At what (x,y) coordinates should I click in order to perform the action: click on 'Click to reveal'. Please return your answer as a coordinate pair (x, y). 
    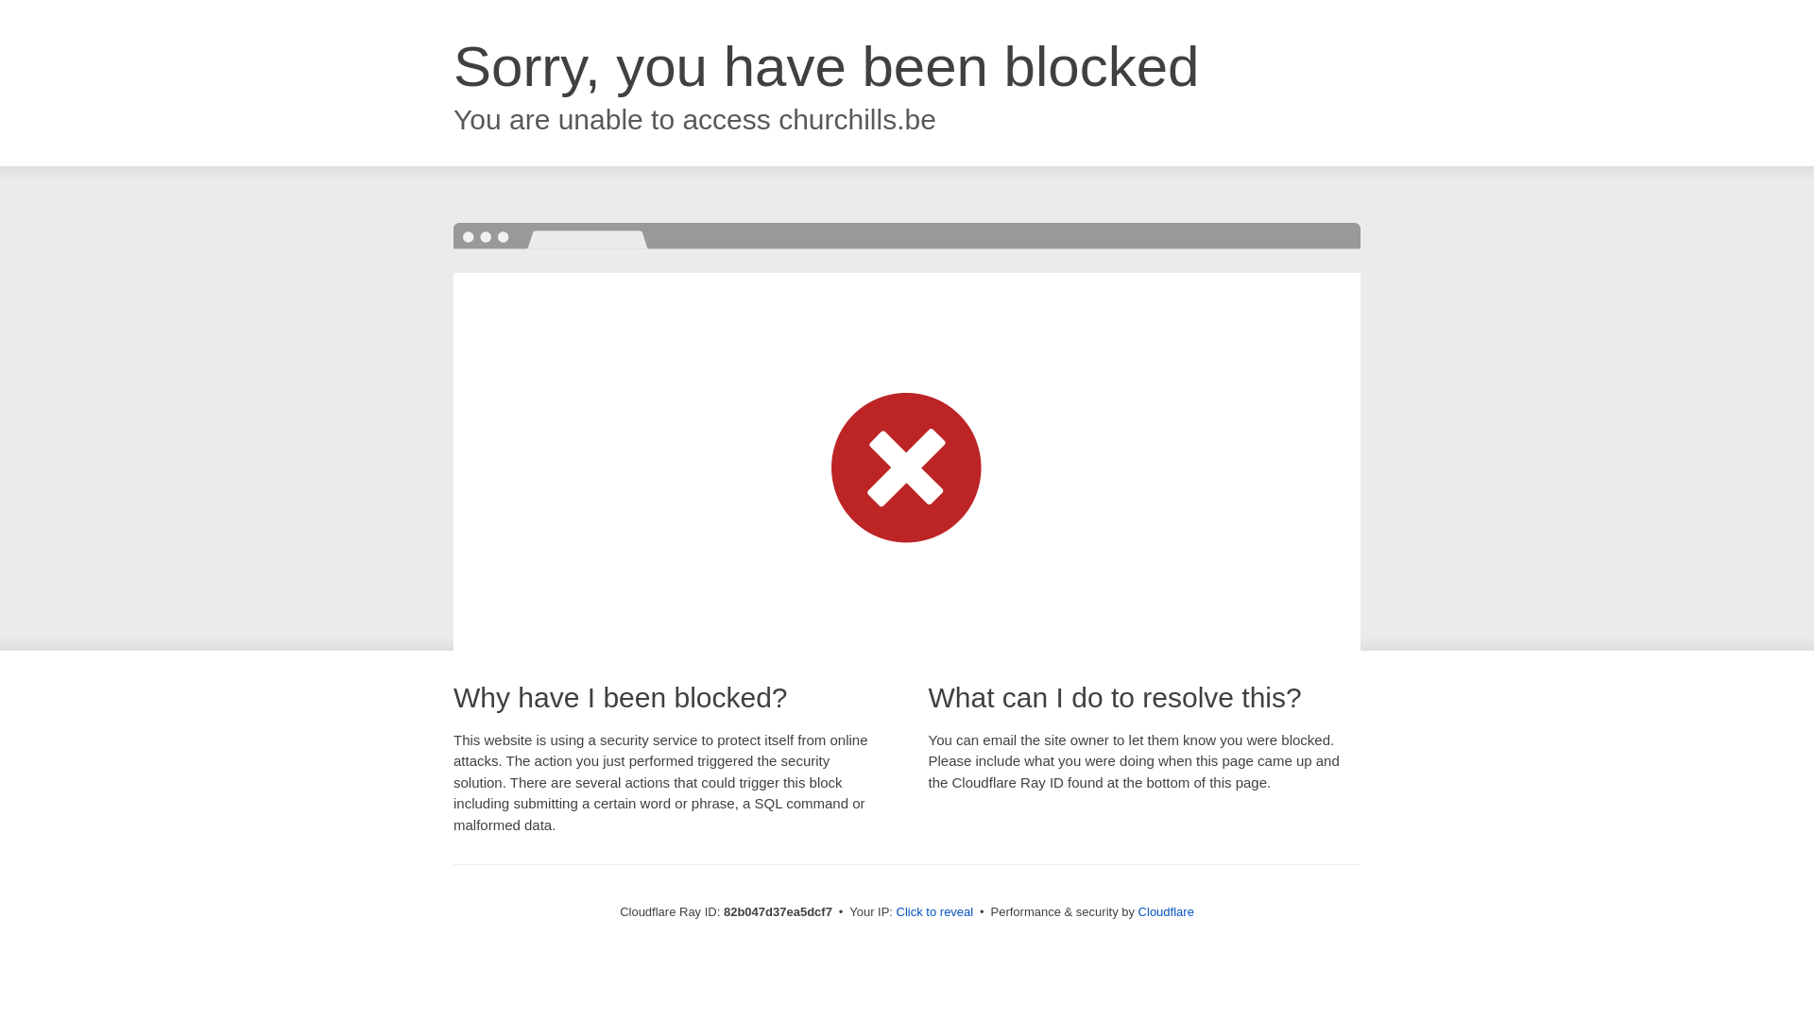
    Looking at the image, I should click on (934, 910).